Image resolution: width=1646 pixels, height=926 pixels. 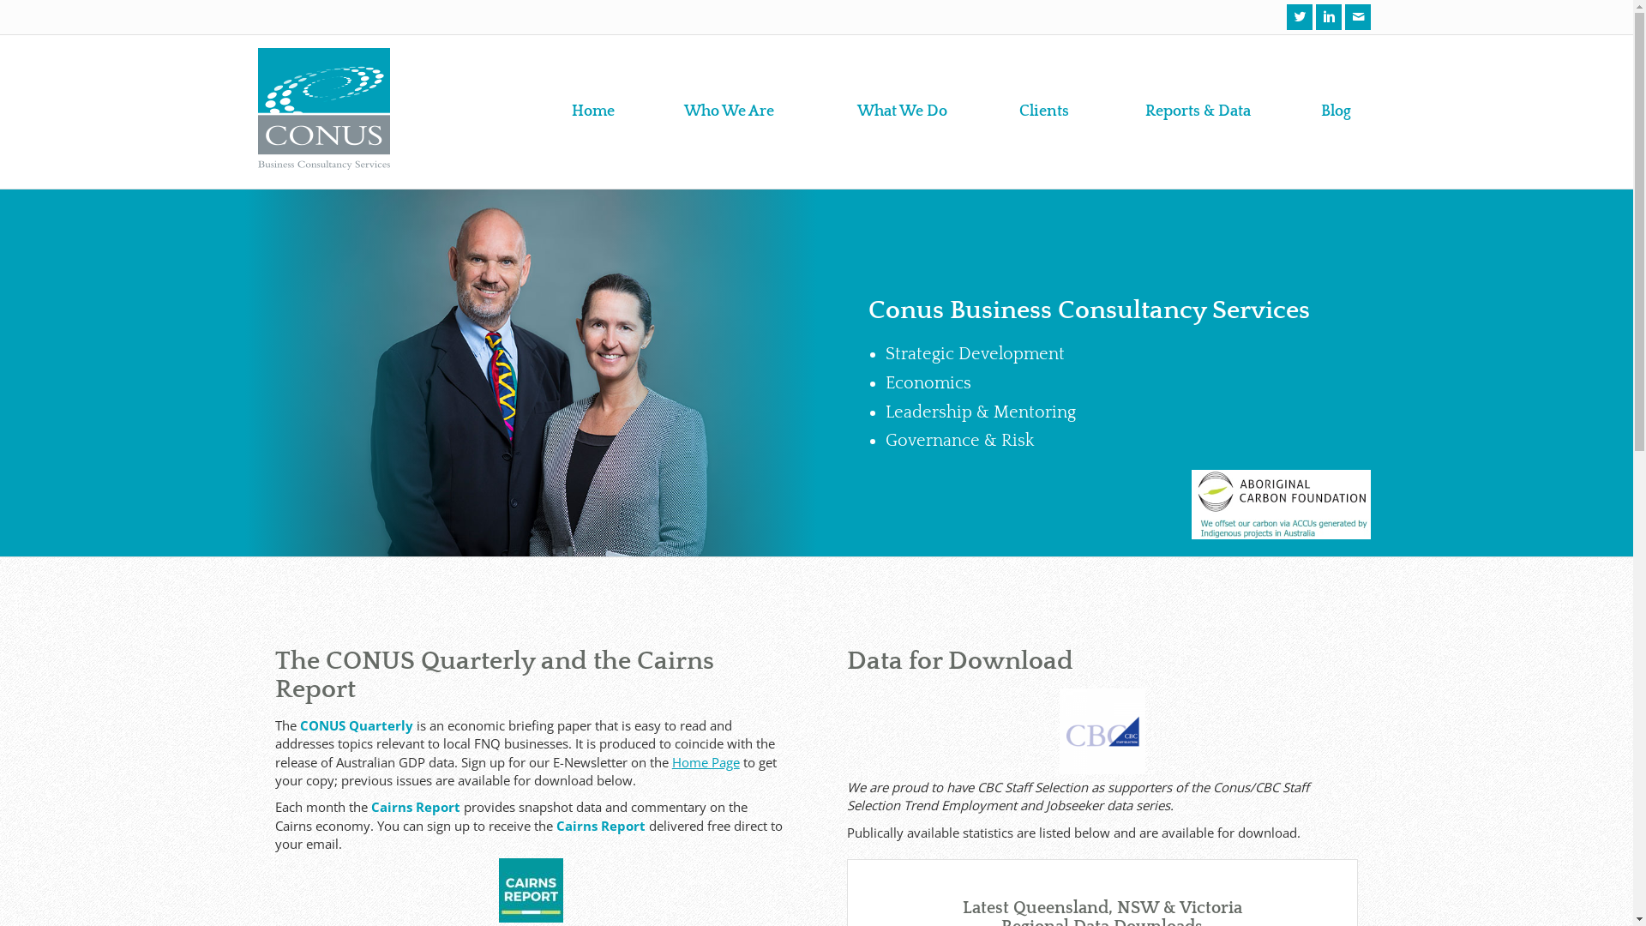 I want to click on 'Home Page', so click(x=706, y=761).